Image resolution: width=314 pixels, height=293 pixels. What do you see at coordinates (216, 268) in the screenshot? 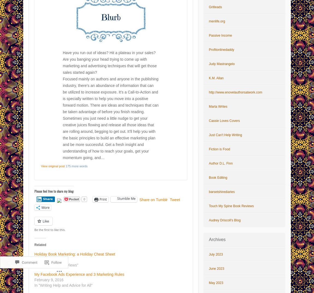
I see `'June 2023'` at bounding box center [216, 268].